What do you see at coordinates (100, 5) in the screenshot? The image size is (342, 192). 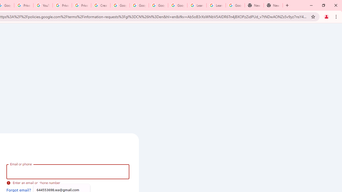 I see `'Create your Google Account'` at bounding box center [100, 5].